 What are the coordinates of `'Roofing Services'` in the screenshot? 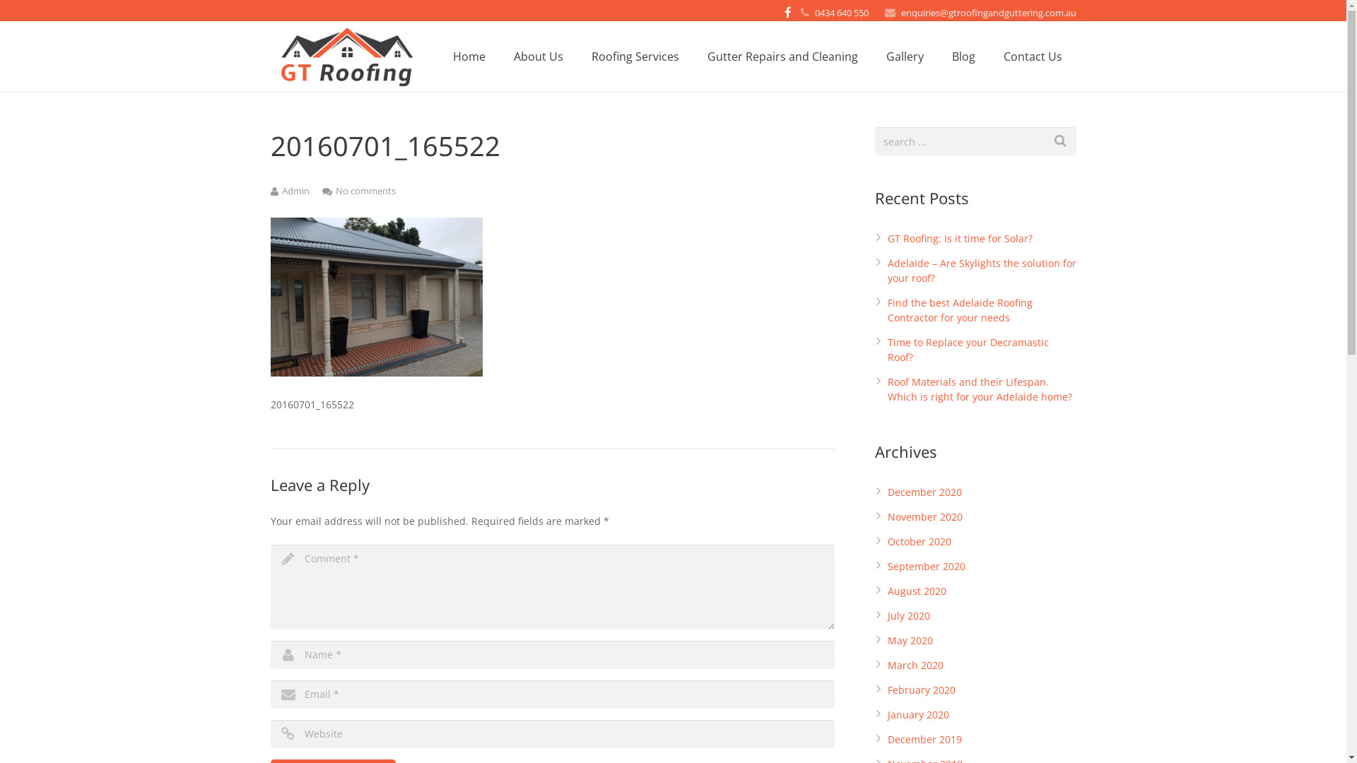 It's located at (633, 56).